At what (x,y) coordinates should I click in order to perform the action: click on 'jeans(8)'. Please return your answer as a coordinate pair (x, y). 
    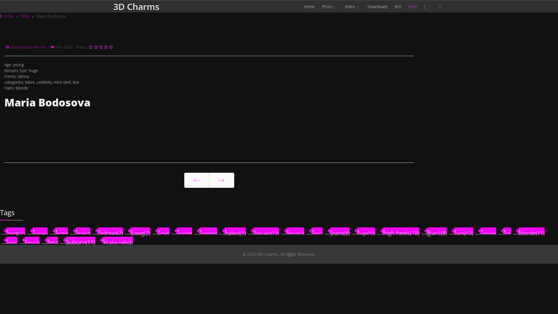
    Looking at the image, I should click on (340, 231).